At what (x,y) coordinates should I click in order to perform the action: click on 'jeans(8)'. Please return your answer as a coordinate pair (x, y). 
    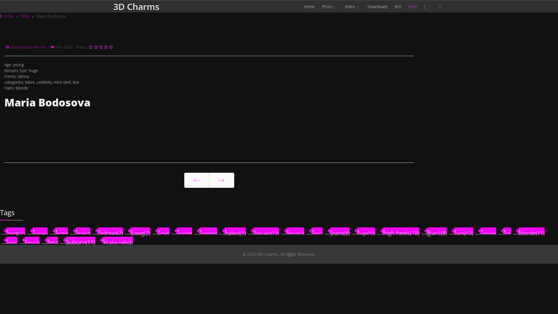
    Looking at the image, I should click on (340, 231).